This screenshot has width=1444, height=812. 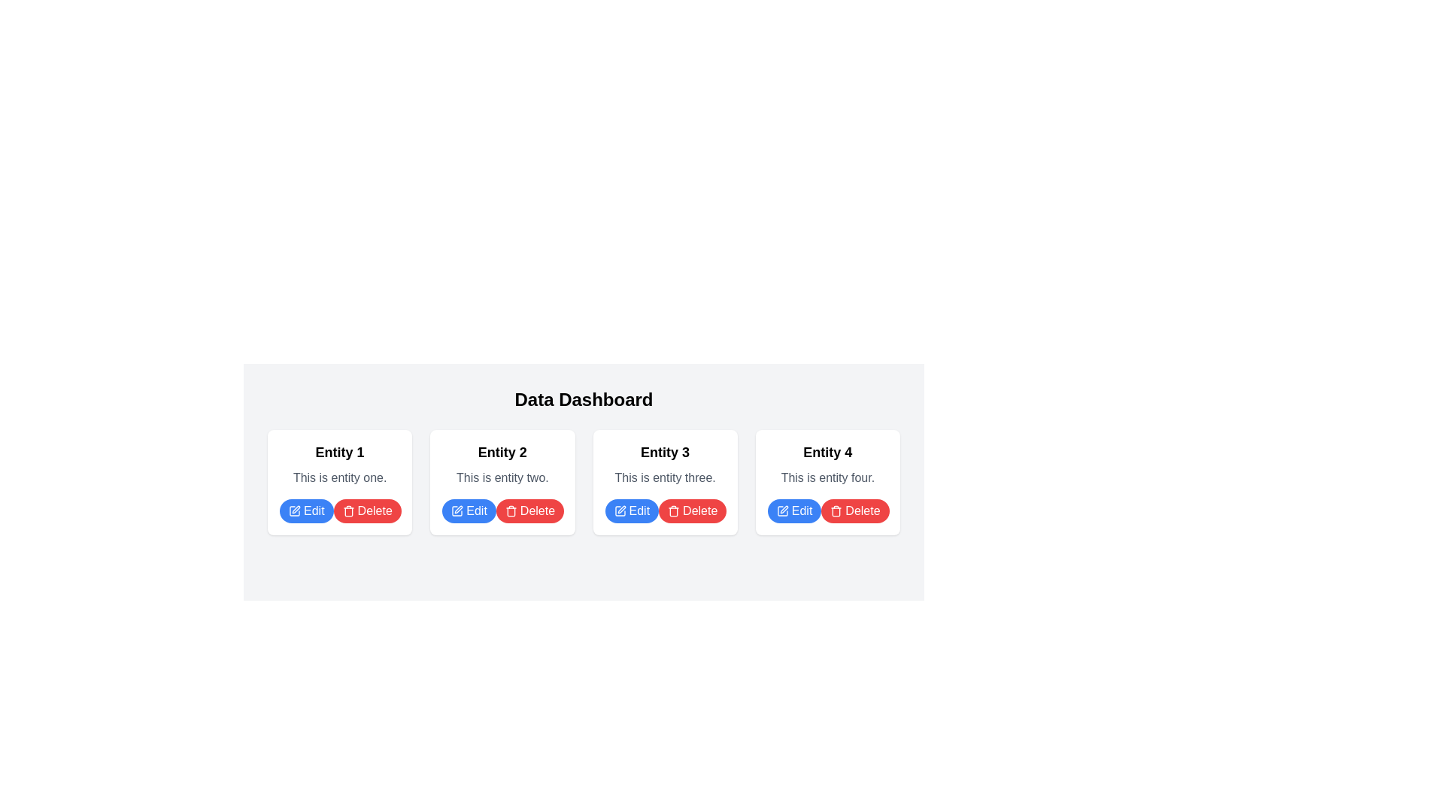 What do you see at coordinates (305, 510) in the screenshot?
I see `the interactive button in the 'Entity 1' card` at bounding box center [305, 510].